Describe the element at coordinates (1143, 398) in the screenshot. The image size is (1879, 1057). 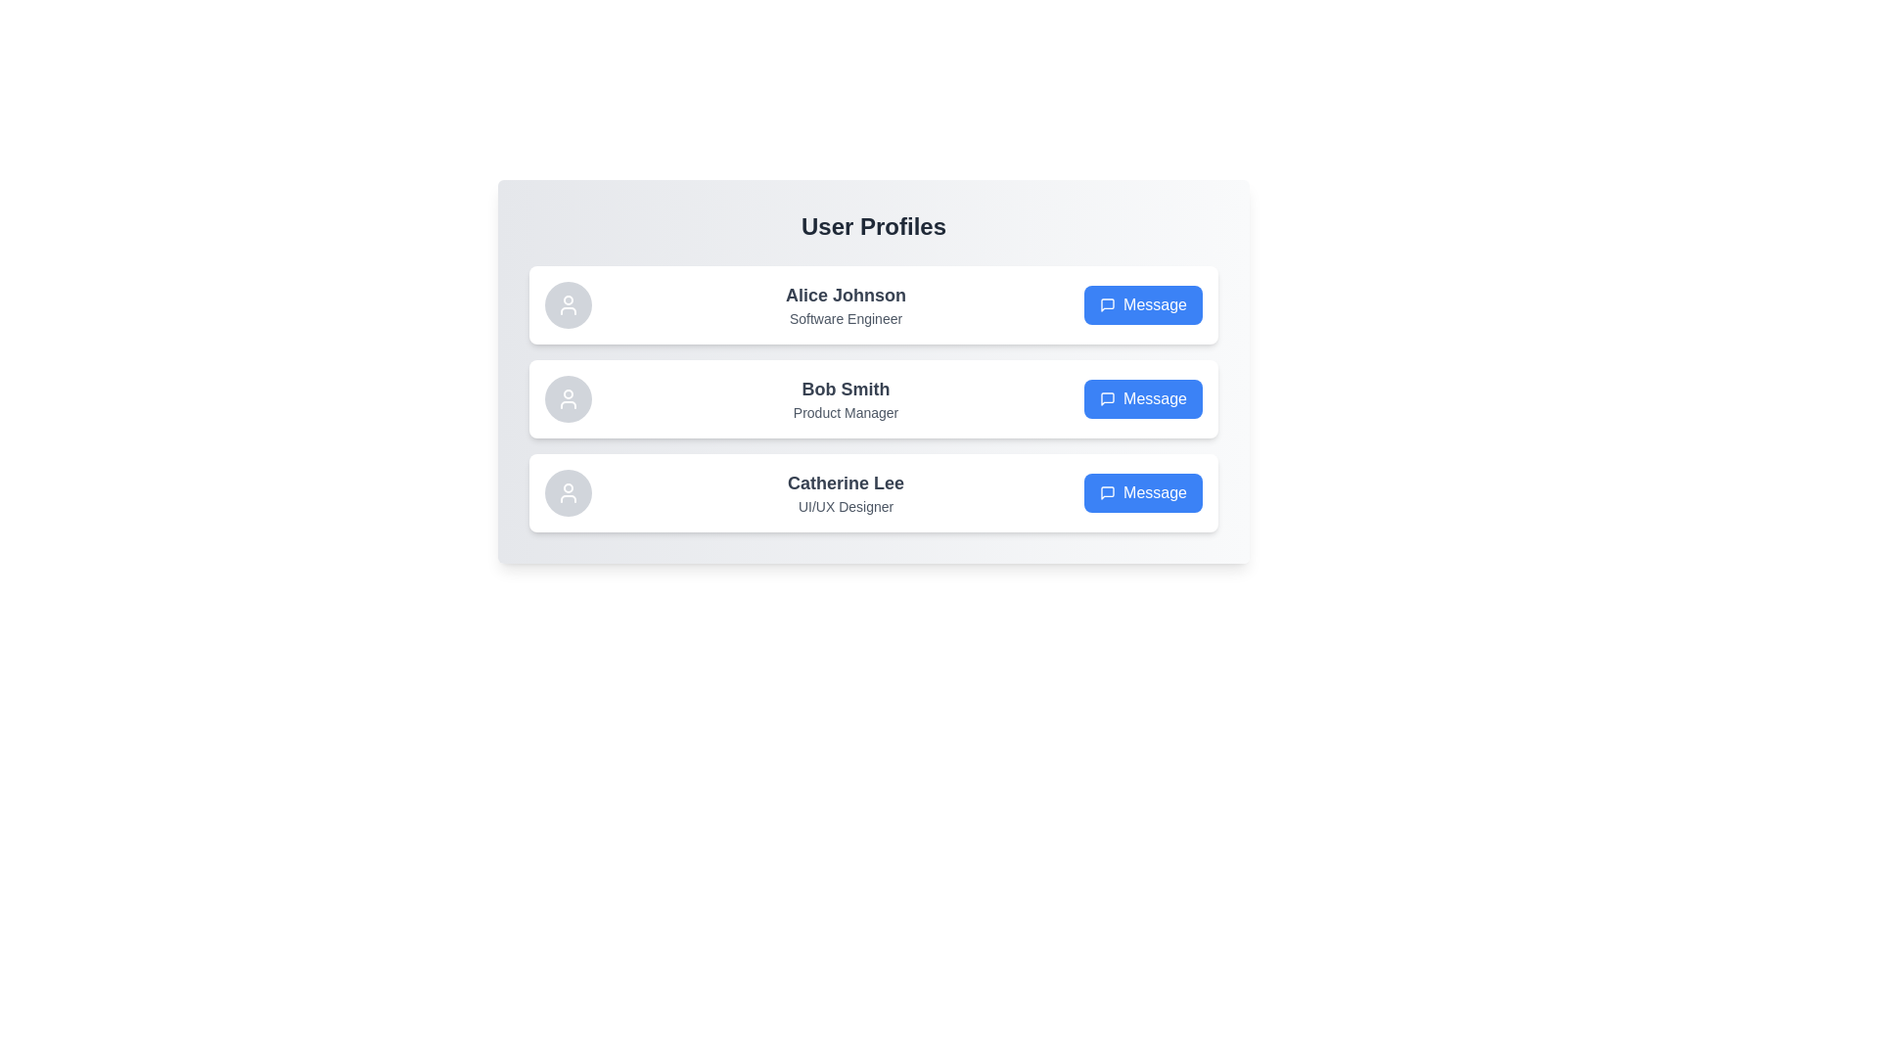
I see `the 'Message' button for Bob Smith` at that location.